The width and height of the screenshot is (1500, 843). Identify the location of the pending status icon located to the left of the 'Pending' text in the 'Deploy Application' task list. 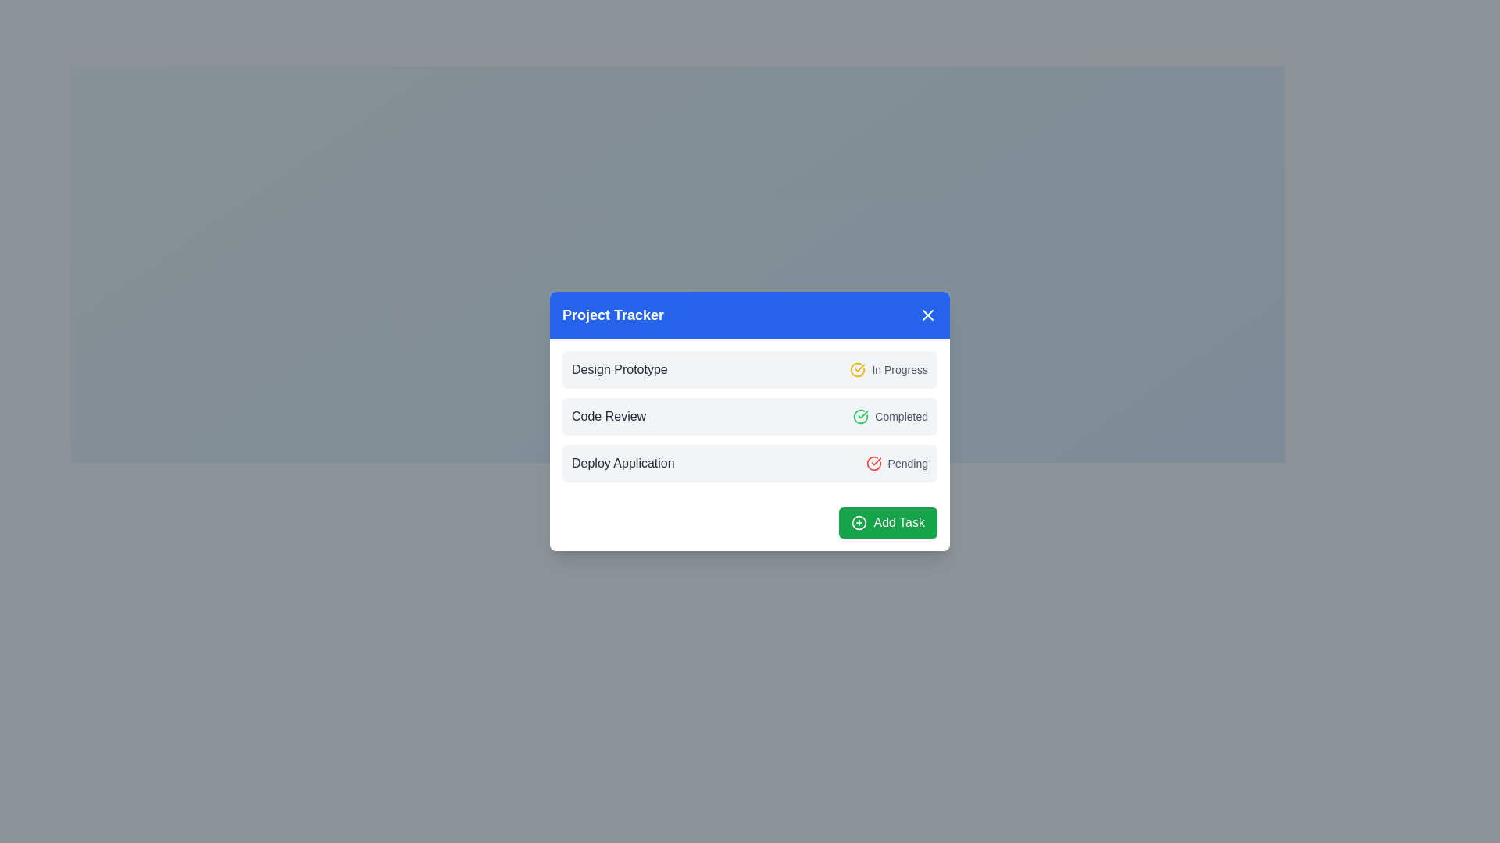
(873, 463).